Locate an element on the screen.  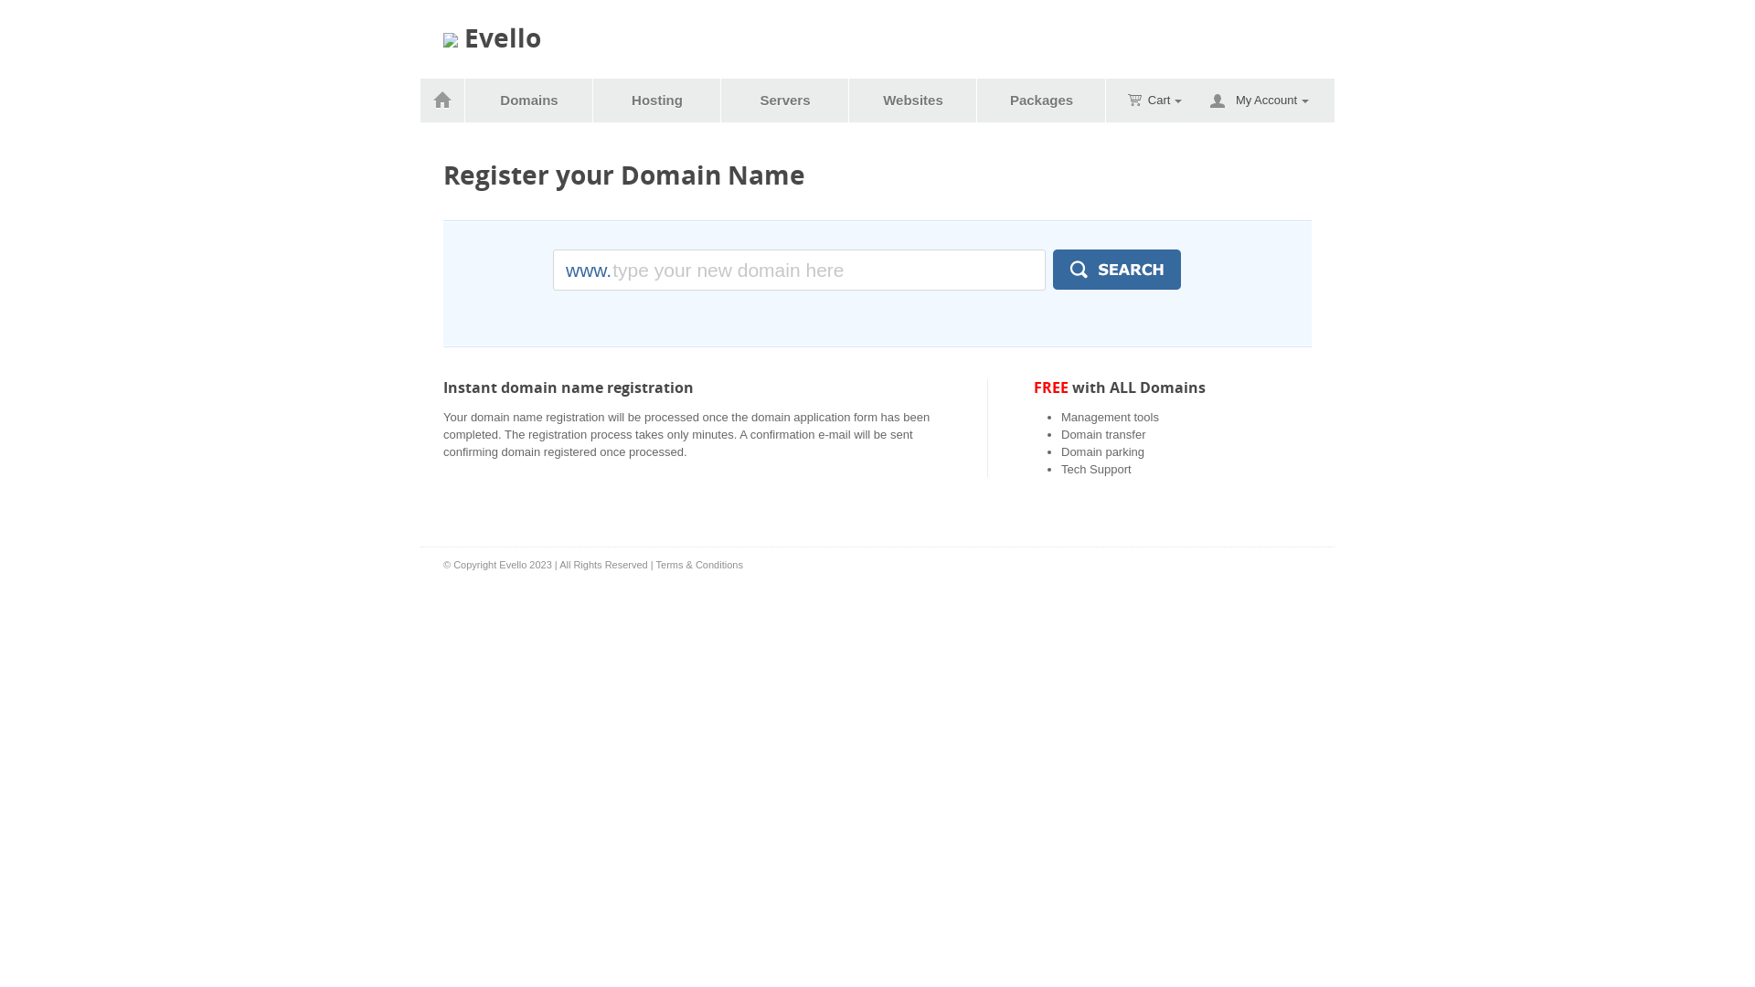
'Hosting' is located at coordinates (593, 101).